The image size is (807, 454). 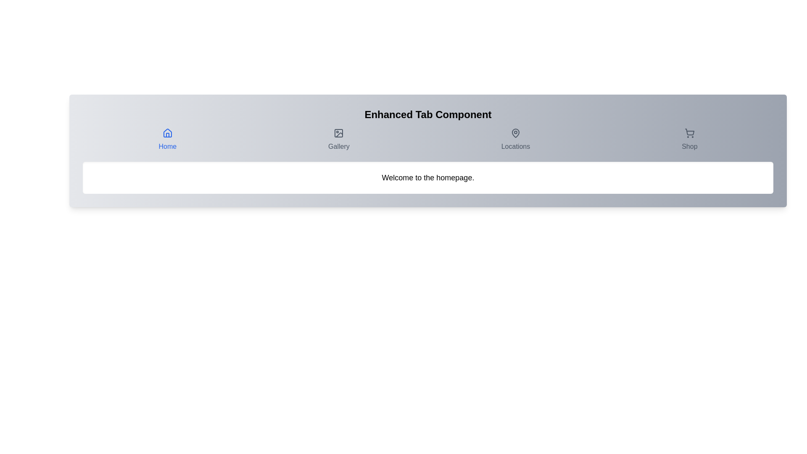 I want to click on the 'Gallery' tab, which is the second tab in the navigation bar, featuring a gray picture frame icon and the label 'Gallery' in gray text, to possibly display a tooltip, so click(x=339, y=139).